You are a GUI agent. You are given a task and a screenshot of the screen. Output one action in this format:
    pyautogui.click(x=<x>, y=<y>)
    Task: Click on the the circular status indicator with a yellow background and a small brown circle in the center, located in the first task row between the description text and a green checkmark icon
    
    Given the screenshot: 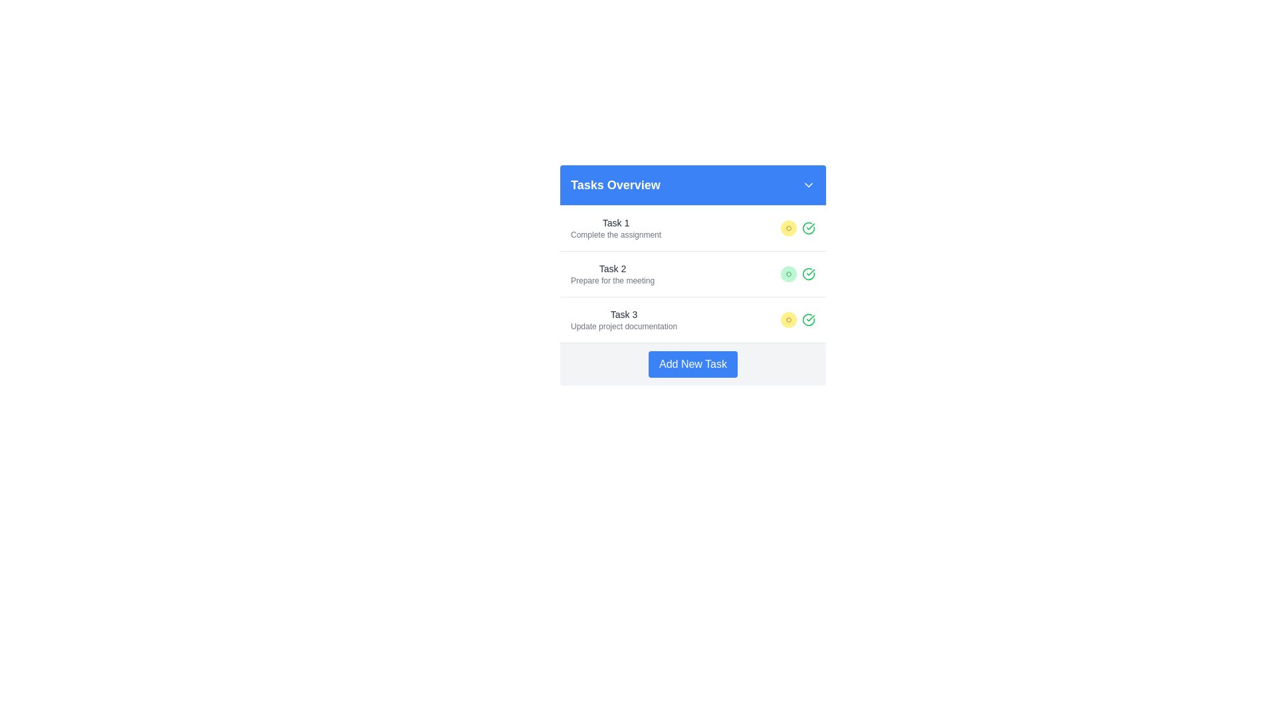 What is the action you would take?
    pyautogui.click(x=797, y=227)
    